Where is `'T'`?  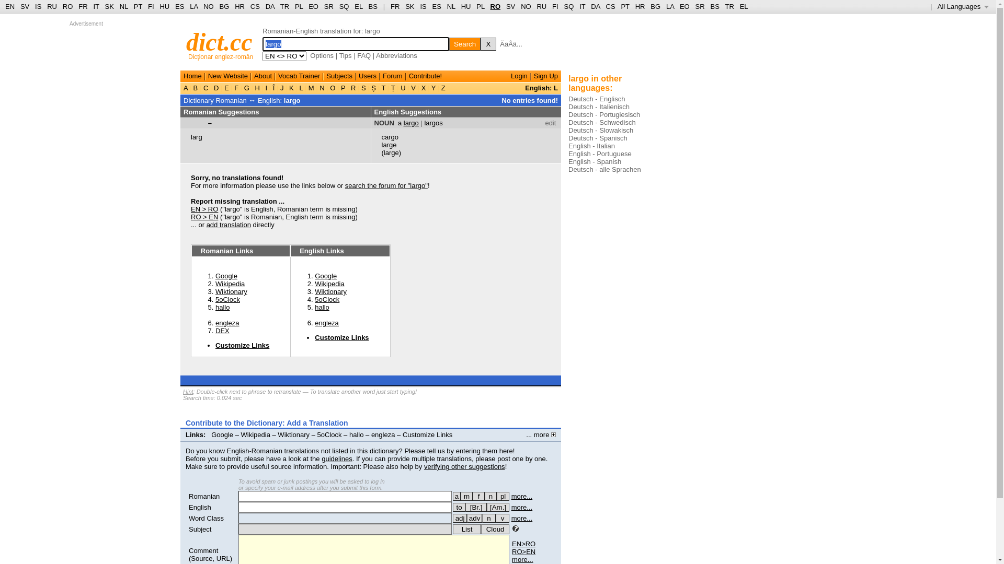
'T' is located at coordinates (379, 87).